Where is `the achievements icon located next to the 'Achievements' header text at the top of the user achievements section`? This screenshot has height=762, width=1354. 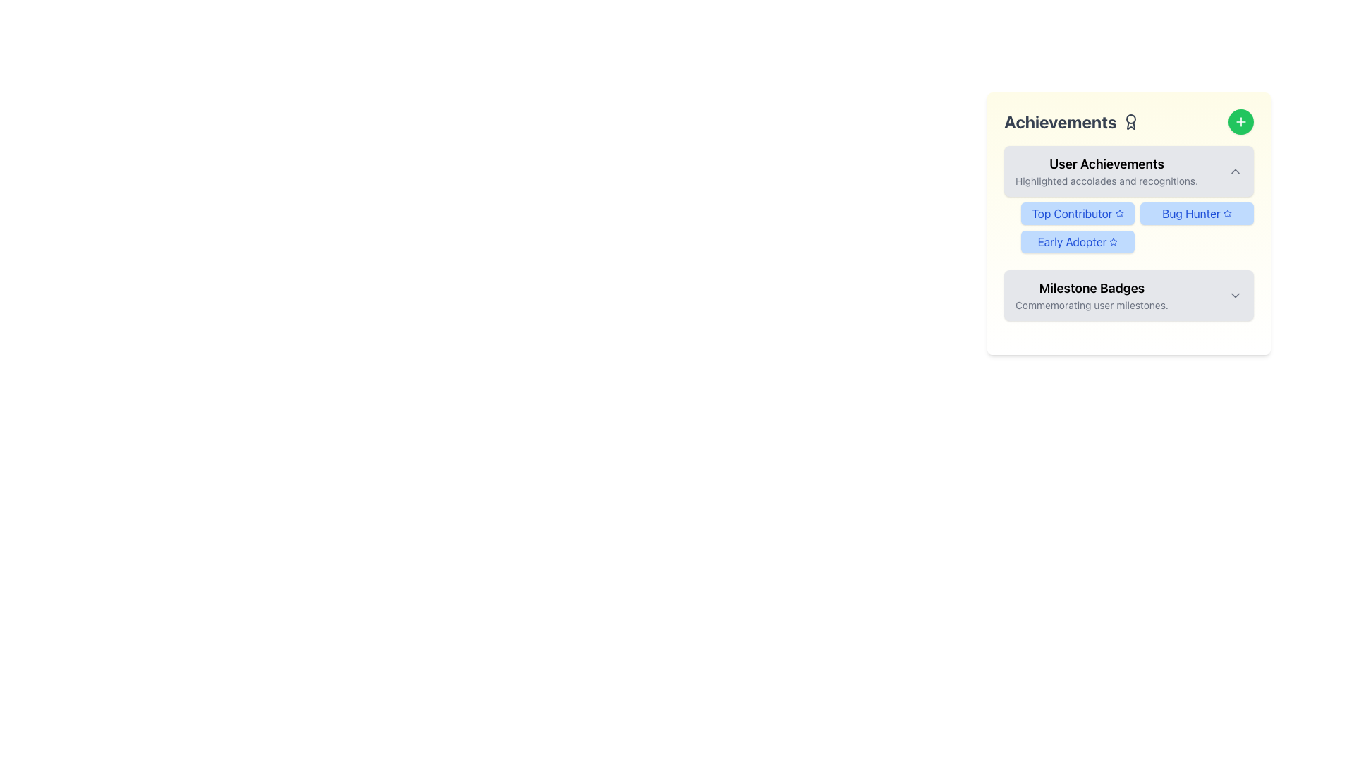 the achievements icon located next to the 'Achievements' header text at the top of the user achievements section is located at coordinates (1130, 121).